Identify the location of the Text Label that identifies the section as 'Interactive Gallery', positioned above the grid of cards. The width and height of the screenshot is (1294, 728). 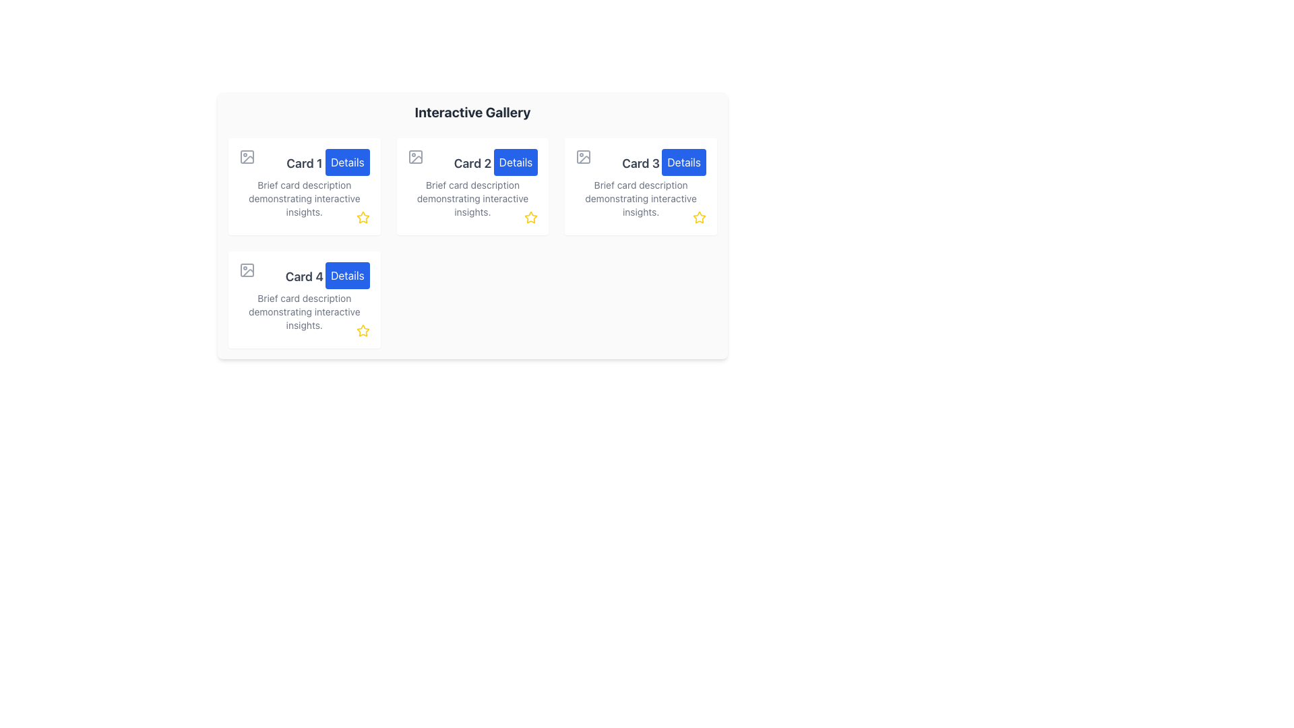
(472, 111).